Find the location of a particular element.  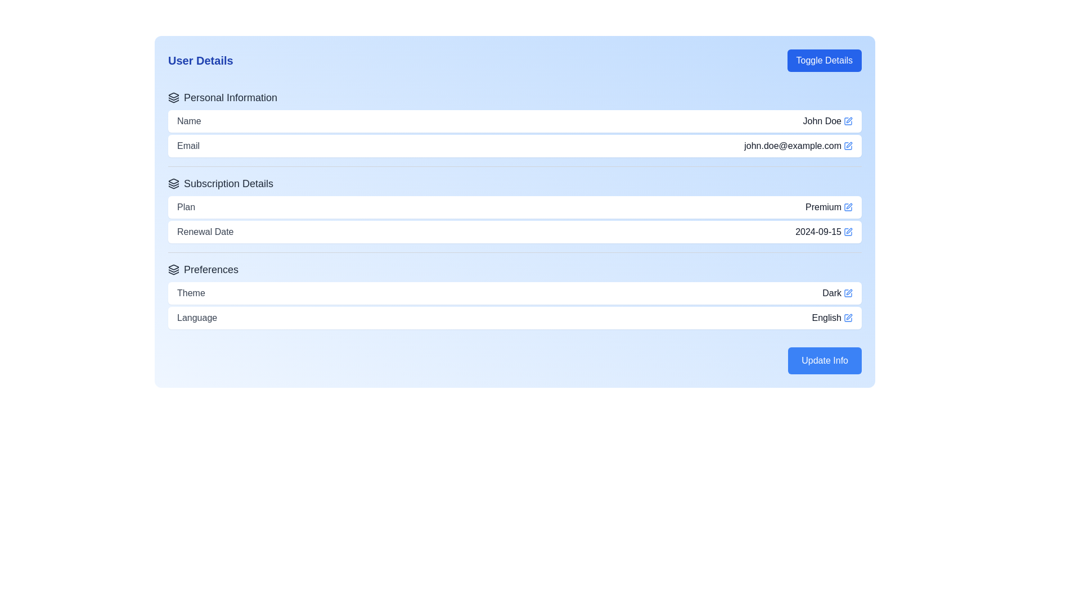

text 'Renewal Date' from the Text Label element, which is styled with a gray color and medium font weight, located in the 'Subscription Details' section of the 'User Details' panel is located at coordinates (205, 231).